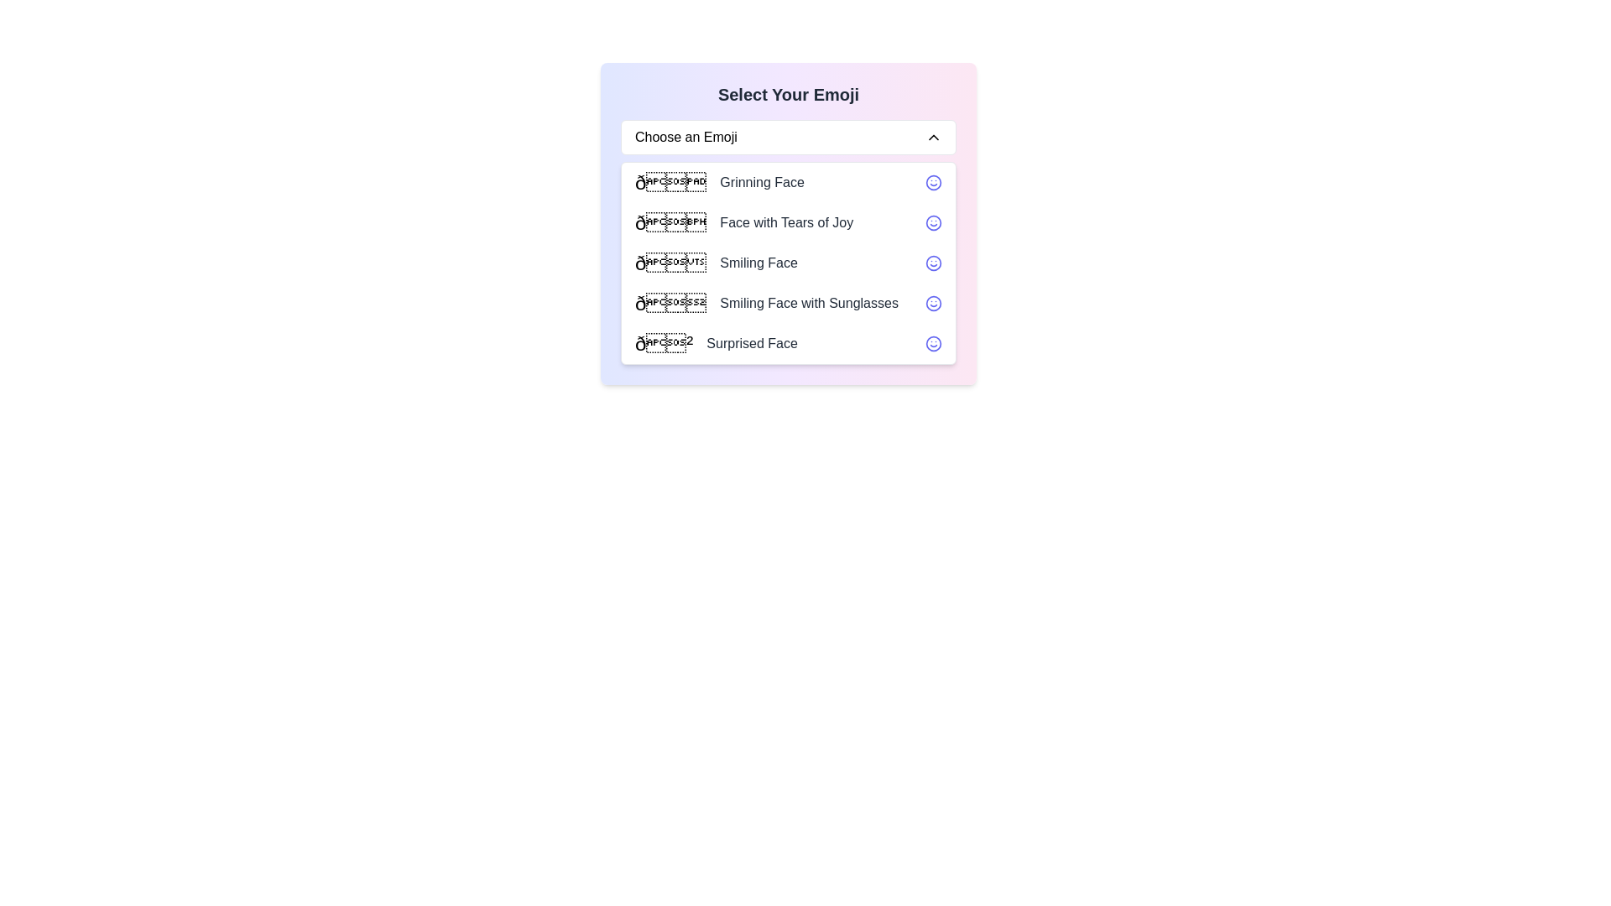 The width and height of the screenshot is (1611, 906). I want to click on the label text element that describes the 'Grinning Face' emoji, located in the first row of the emoji selection list, to the right of the corresponding emoji icon, so click(761, 183).